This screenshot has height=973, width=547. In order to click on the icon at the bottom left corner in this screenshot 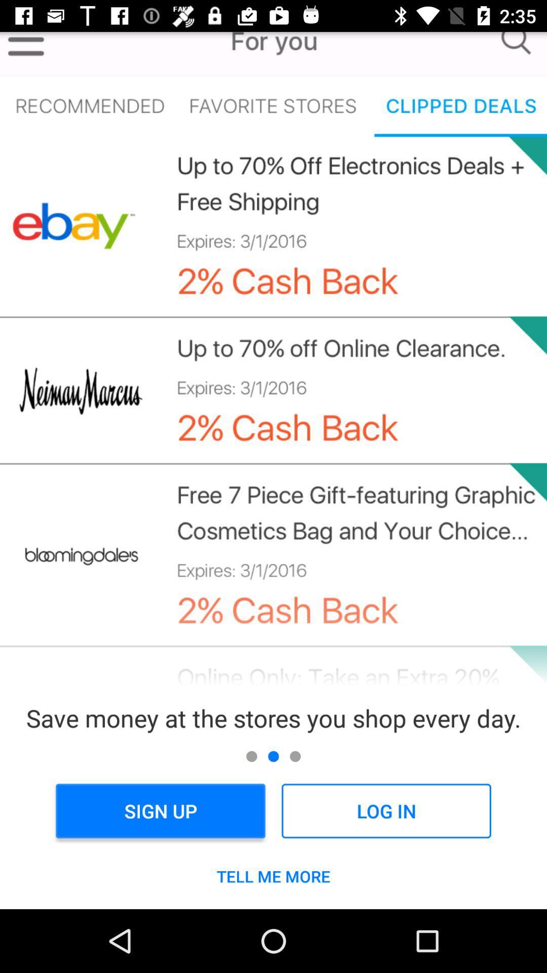, I will do `click(160, 811)`.